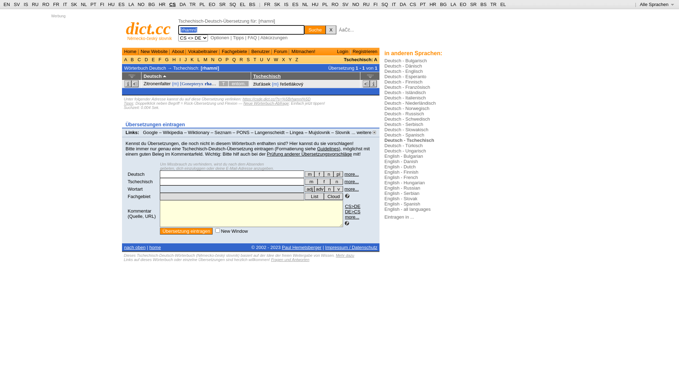 This screenshot has height=382, width=679. I want to click on 'Duden', so click(136, 138).